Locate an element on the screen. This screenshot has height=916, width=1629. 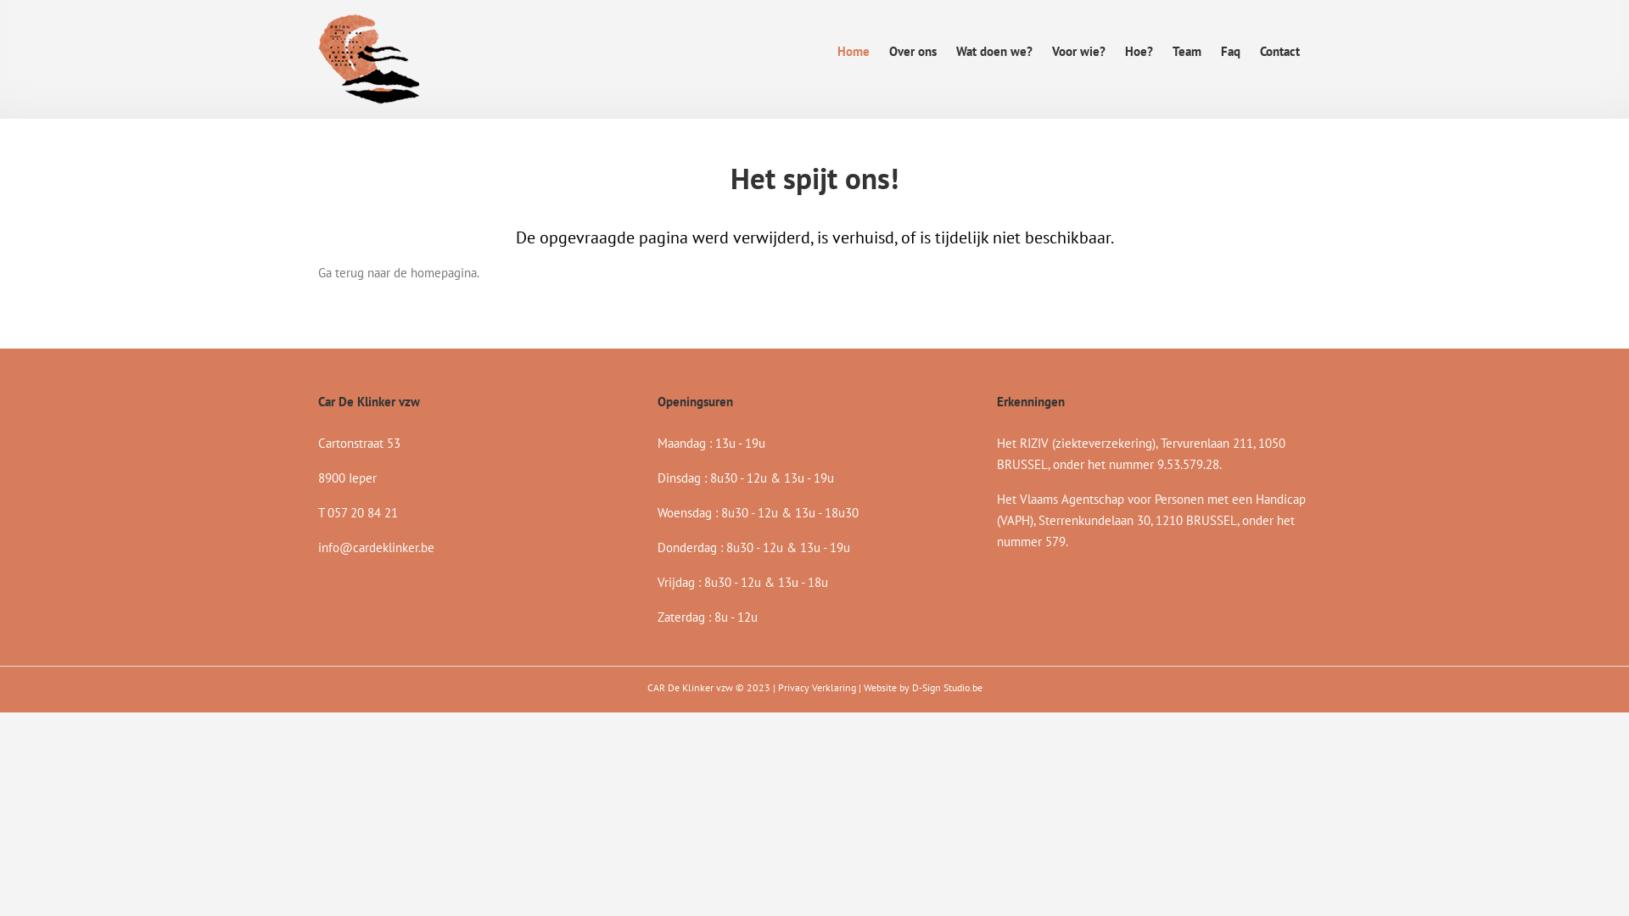
'Hoe?' is located at coordinates (1124, 50).